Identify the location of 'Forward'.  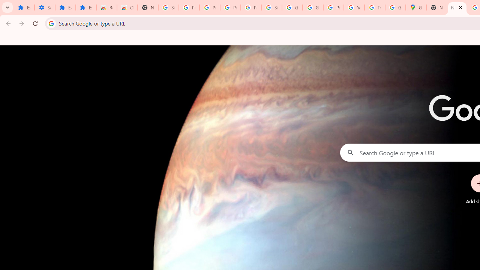
(22, 23).